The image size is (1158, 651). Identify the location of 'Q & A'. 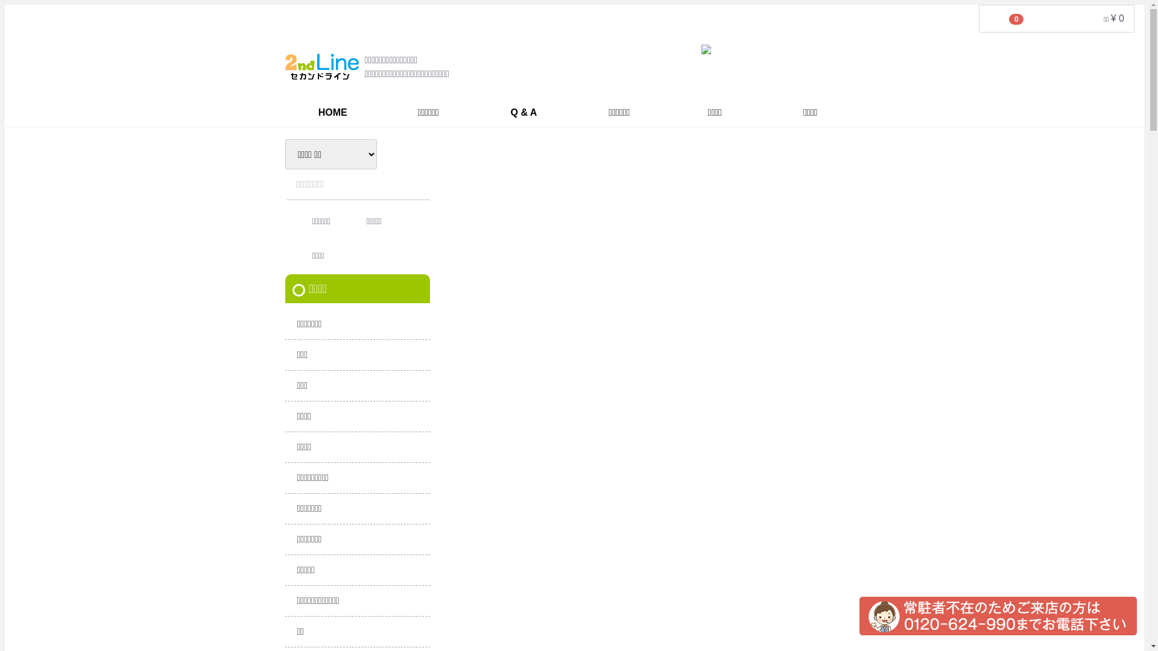
(475, 112).